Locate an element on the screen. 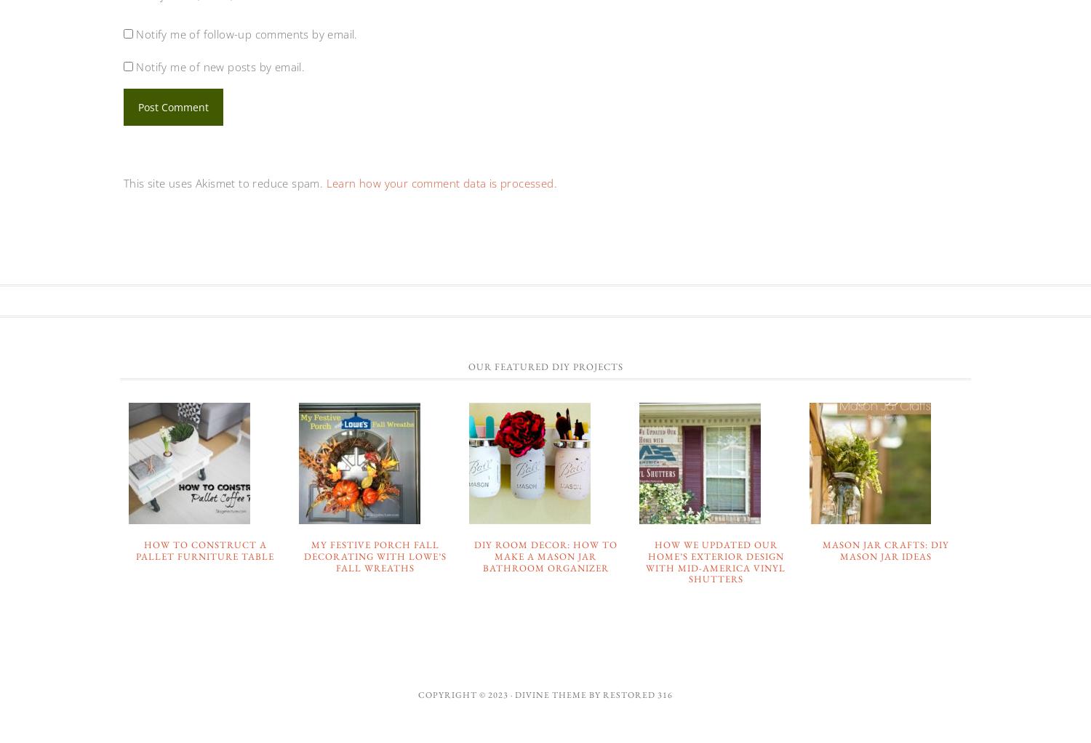 The height and width of the screenshot is (743, 1091). 'My Festive Porch Fall Decorating with Lowe’s Fall Wreaths' is located at coordinates (375, 555).